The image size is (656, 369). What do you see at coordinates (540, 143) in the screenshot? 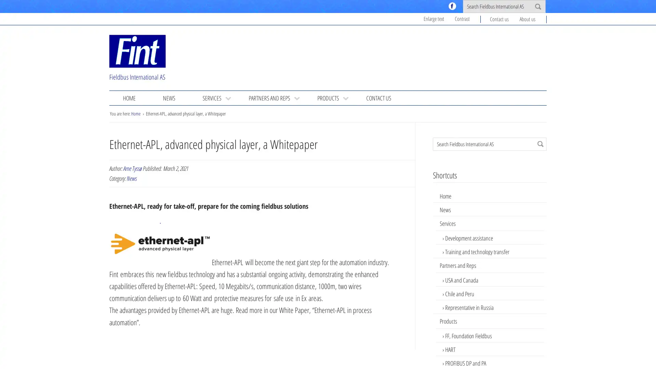
I see `Search` at bounding box center [540, 143].